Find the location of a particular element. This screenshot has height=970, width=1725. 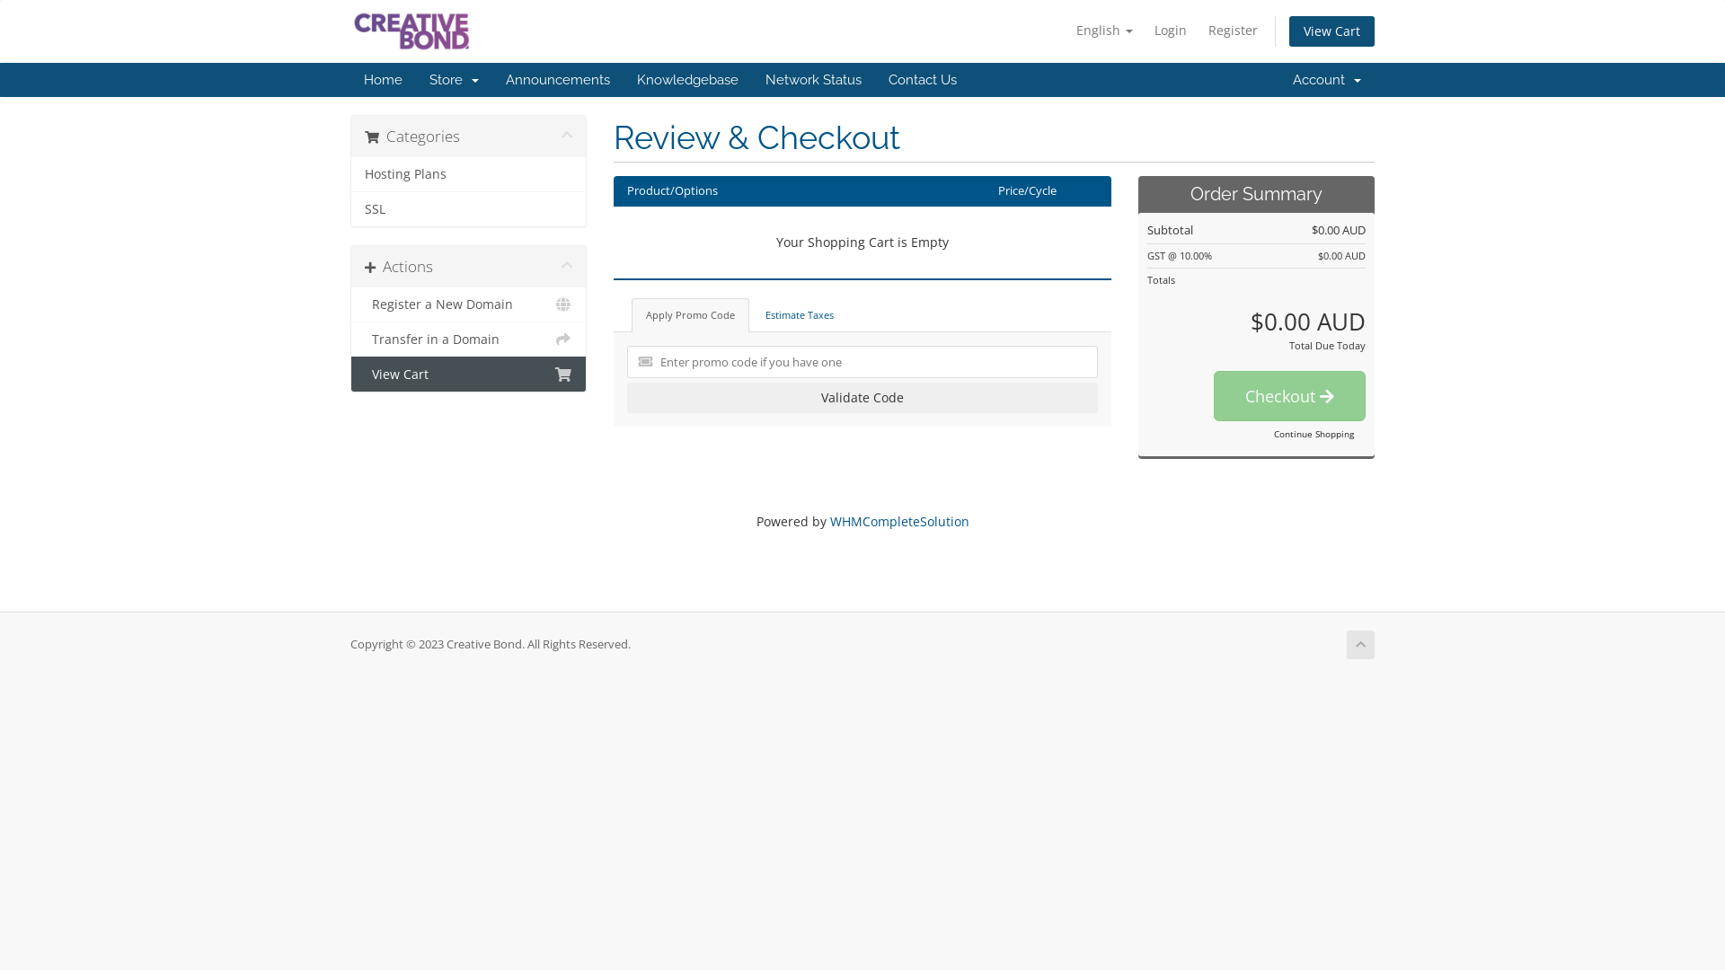

'  Transfer in a Domain' is located at coordinates (468, 339).